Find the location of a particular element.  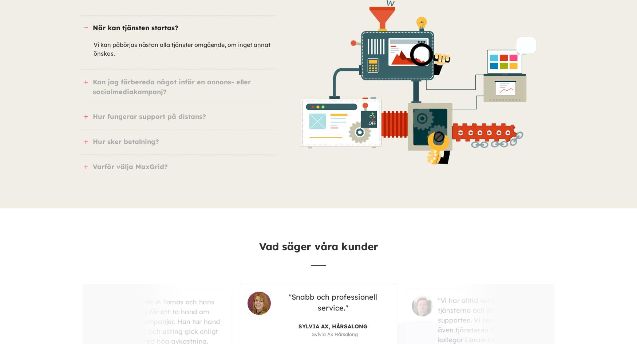

'Jonas' is located at coordinates (446, 315).